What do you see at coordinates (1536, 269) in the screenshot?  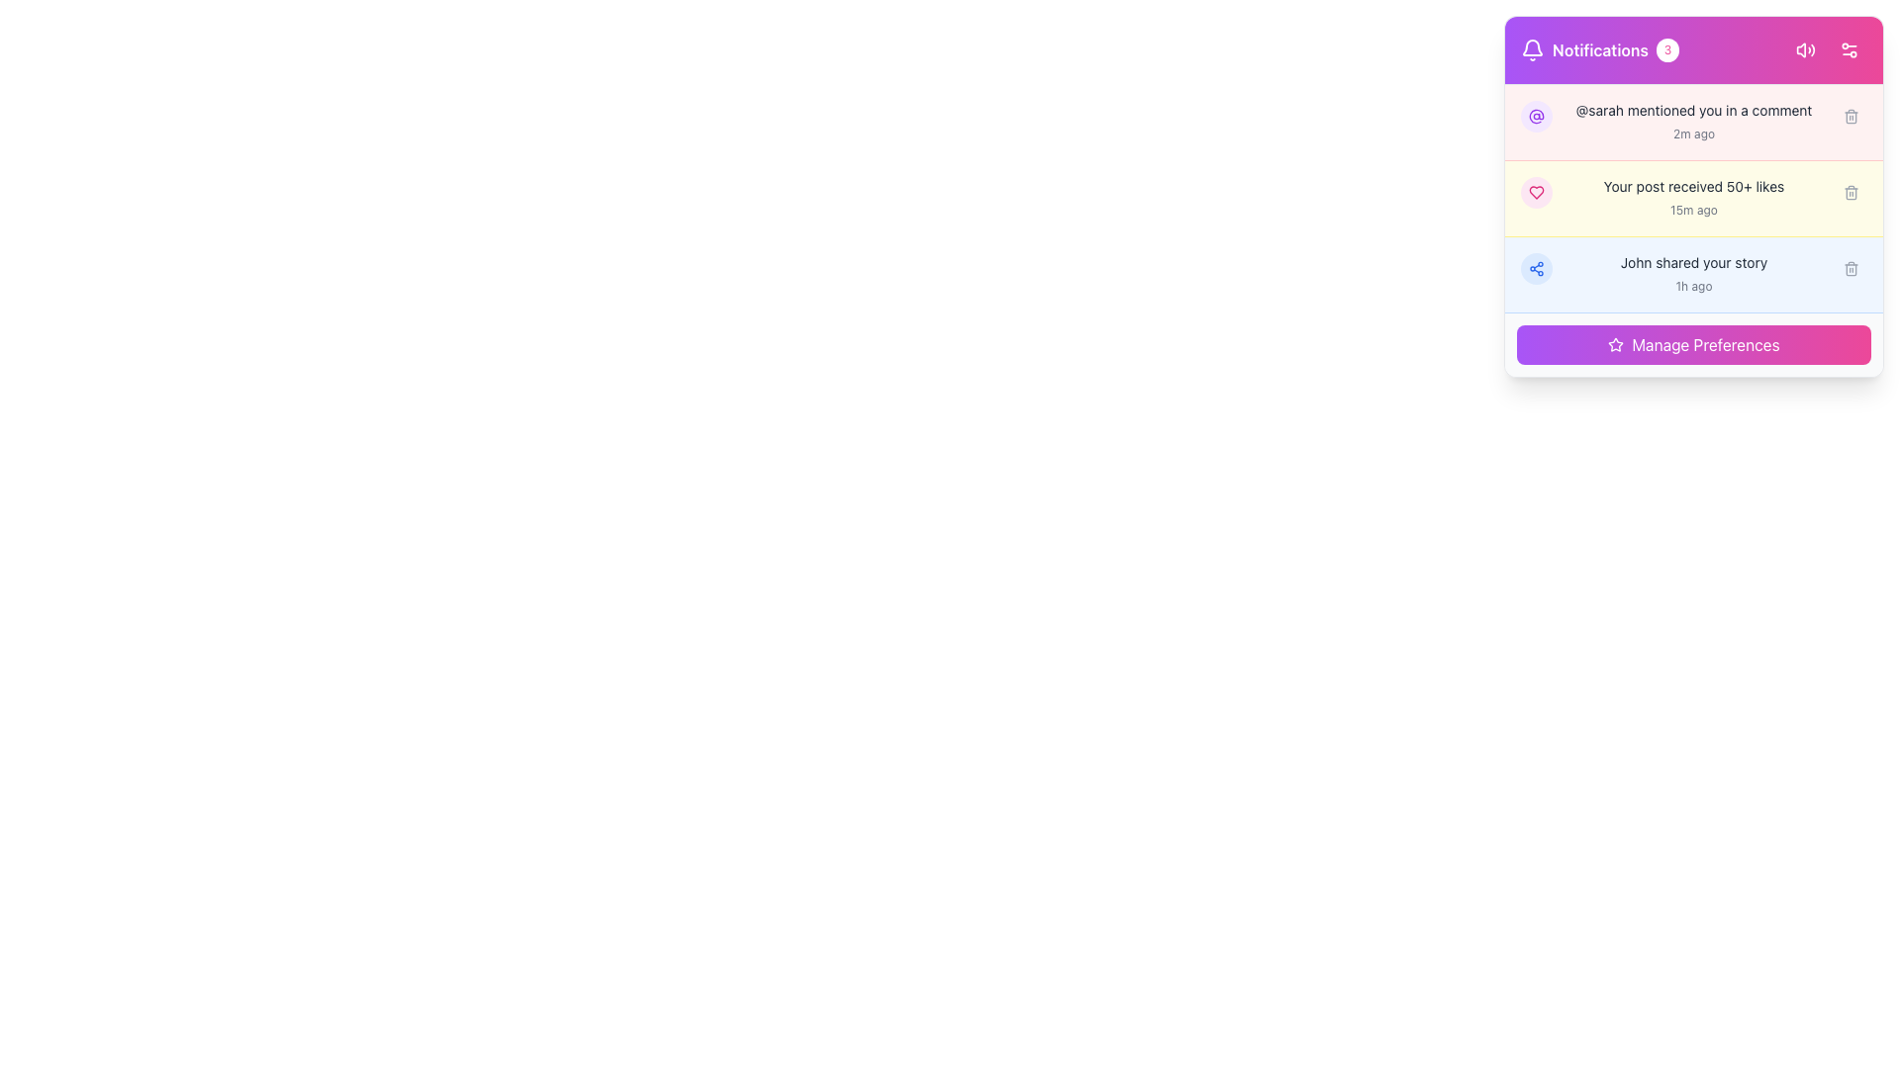 I see `the Icon Button related to sharing content in the notification labeled 'John shared your story 1h ago'` at bounding box center [1536, 269].